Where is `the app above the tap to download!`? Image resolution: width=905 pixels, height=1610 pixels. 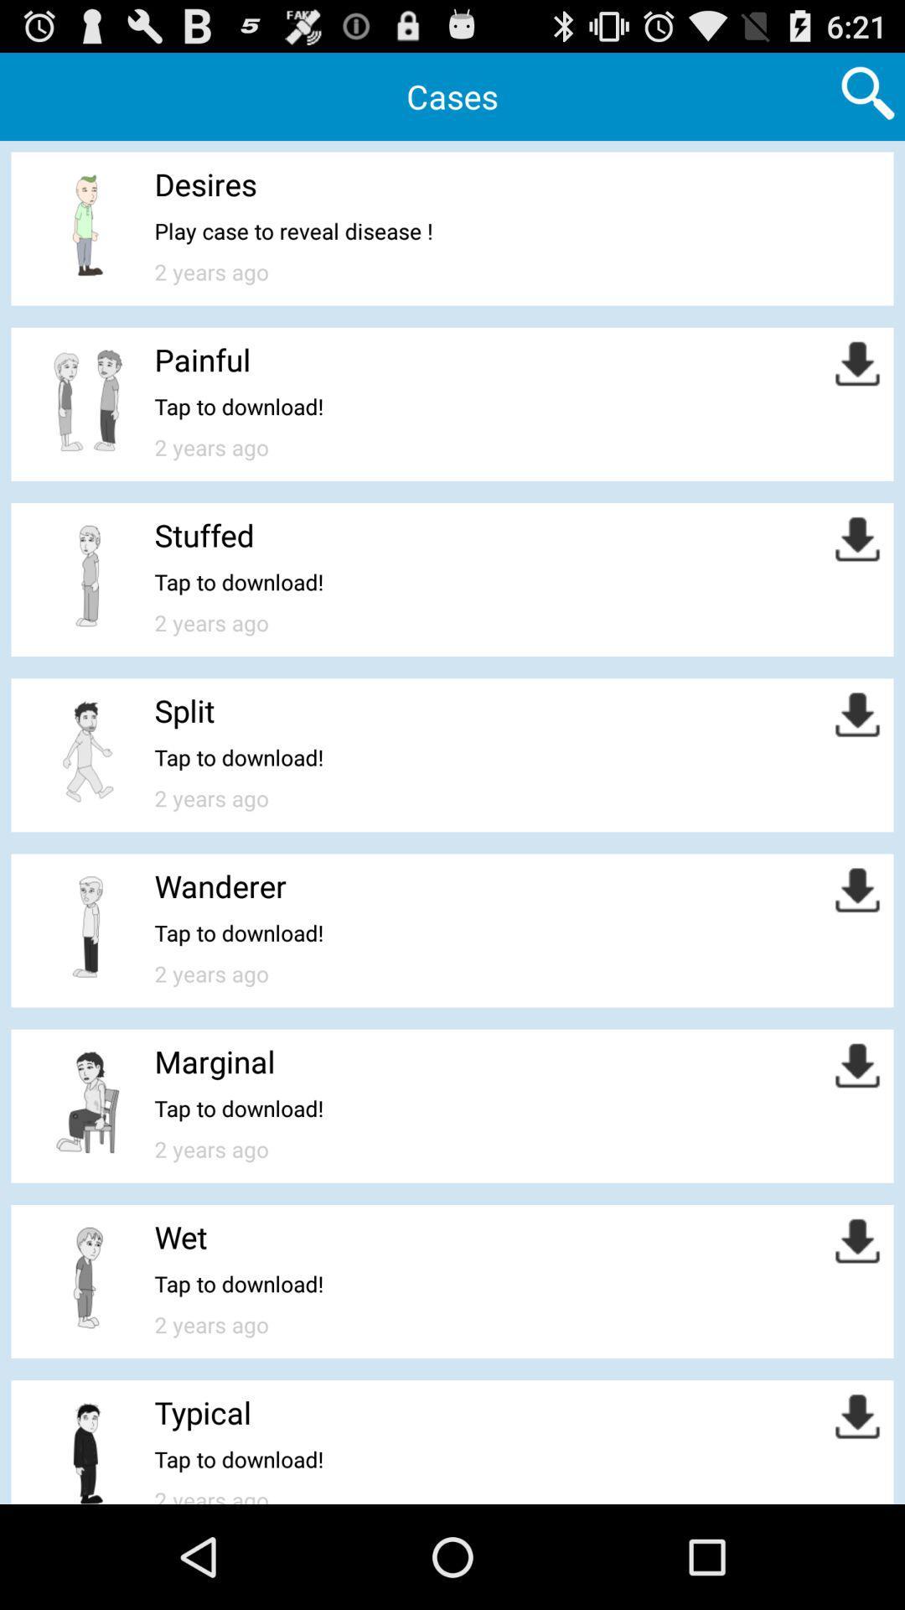
the app above the tap to download! is located at coordinates (214, 1061).